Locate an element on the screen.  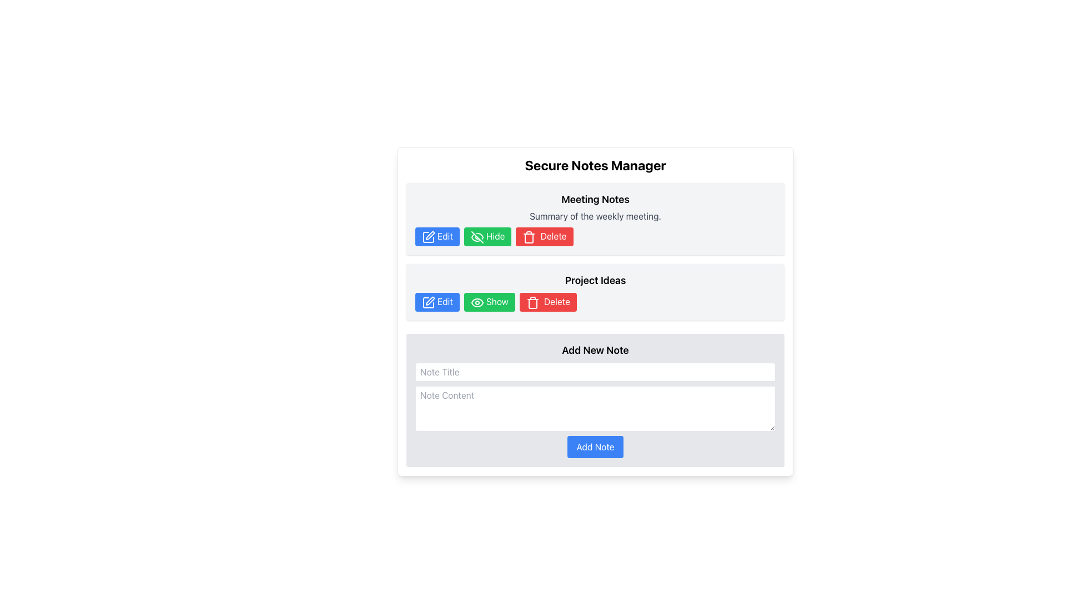
the visual indicator icon next to the 'Hide' button under the 'Meeting Notes' section to obscure or remove visibility of the content is located at coordinates (477, 236).